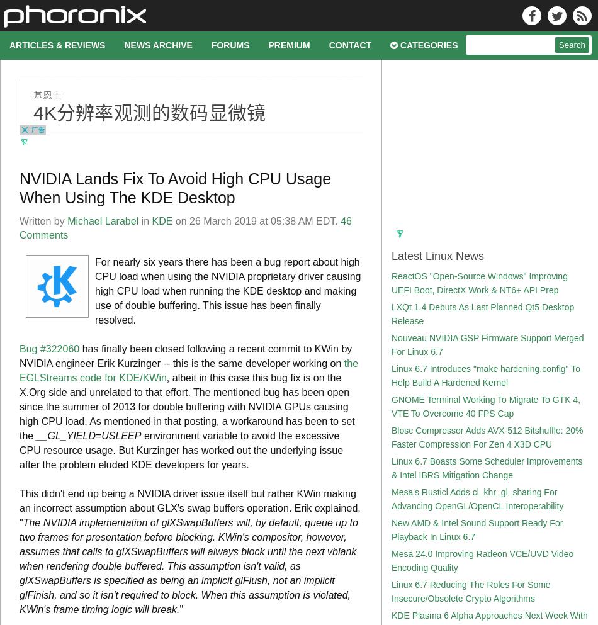 The width and height of the screenshot is (598, 625). Describe the element at coordinates (486, 437) in the screenshot. I see `'Blosc Compressor Adds AVX-512 Bitshuffle: 20% Faster Compression For Zen 4 X3D CPU'` at that location.